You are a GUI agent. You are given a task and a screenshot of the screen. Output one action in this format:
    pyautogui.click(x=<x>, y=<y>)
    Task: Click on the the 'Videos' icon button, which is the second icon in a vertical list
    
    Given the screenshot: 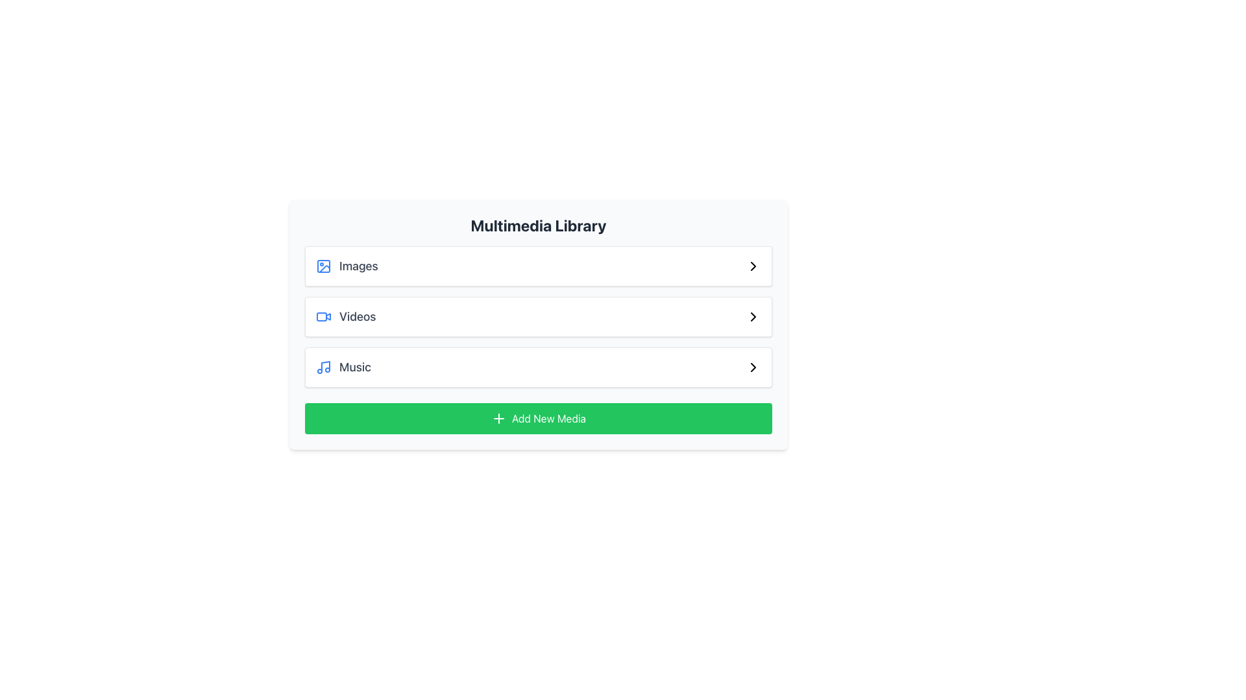 What is the action you would take?
    pyautogui.click(x=753, y=317)
    